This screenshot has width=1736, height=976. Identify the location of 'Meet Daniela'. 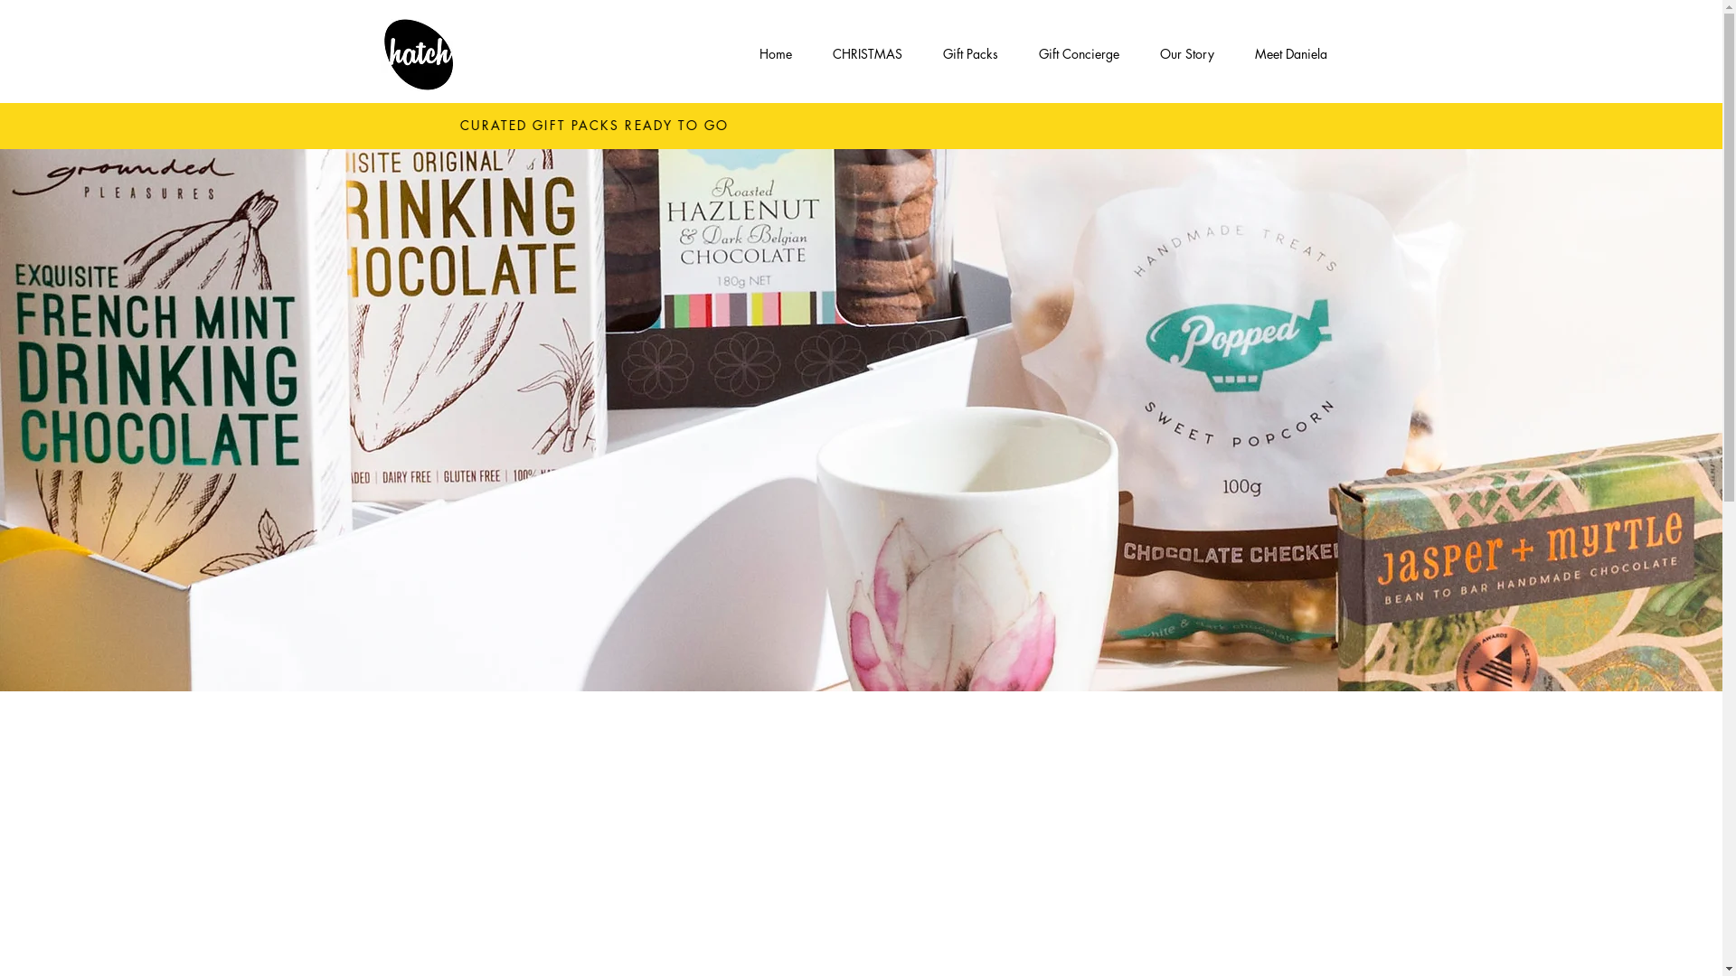
(1290, 53).